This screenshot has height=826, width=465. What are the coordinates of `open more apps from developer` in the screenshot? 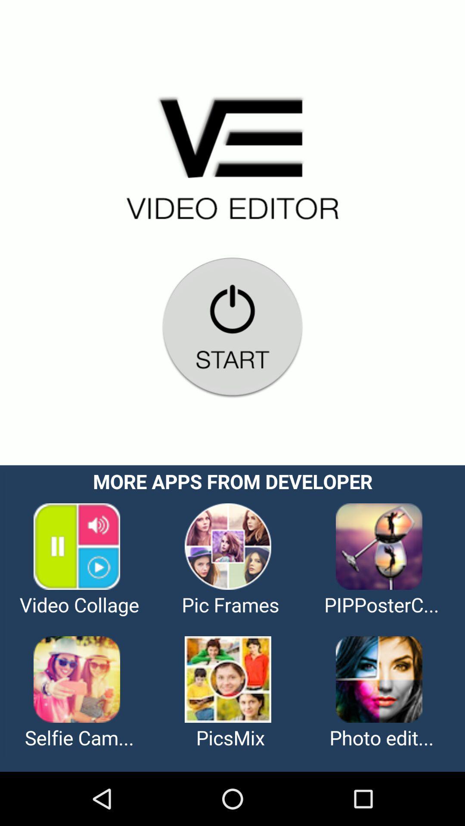 It's located at (232, 618).